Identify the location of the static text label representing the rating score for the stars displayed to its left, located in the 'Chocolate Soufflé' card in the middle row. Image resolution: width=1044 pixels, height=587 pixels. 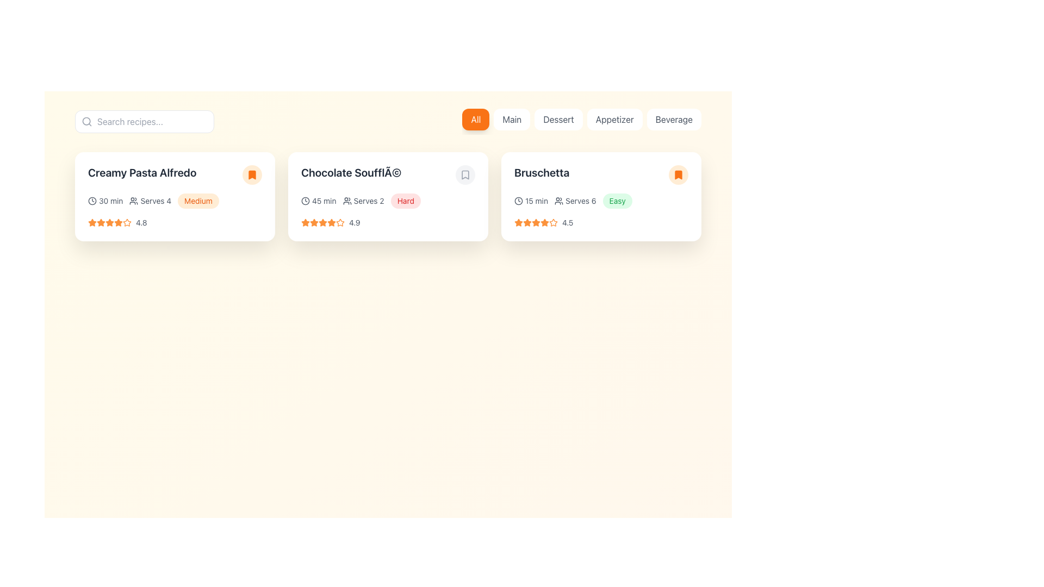
(355, 222).